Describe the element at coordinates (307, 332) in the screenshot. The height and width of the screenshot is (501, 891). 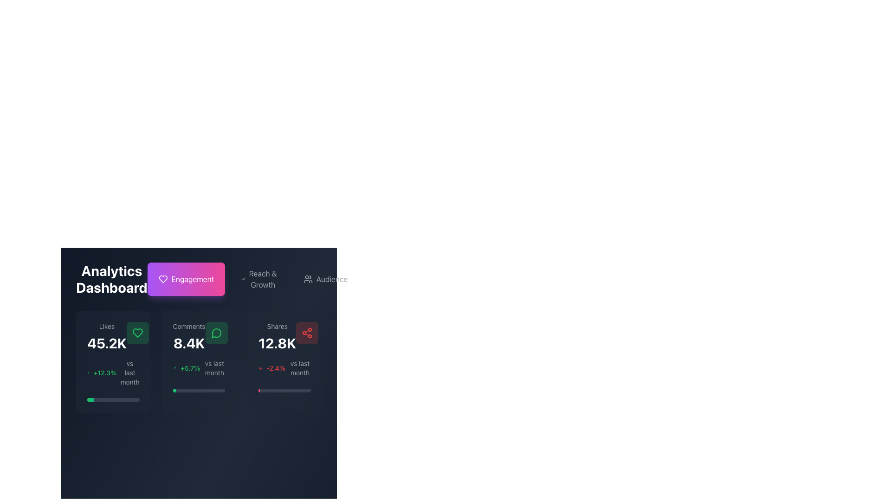
I see `the share button located in the upper-right portion of the 'Shares' section, adjacent to the '12.8K' text, to initiate a sharing action` at that location.